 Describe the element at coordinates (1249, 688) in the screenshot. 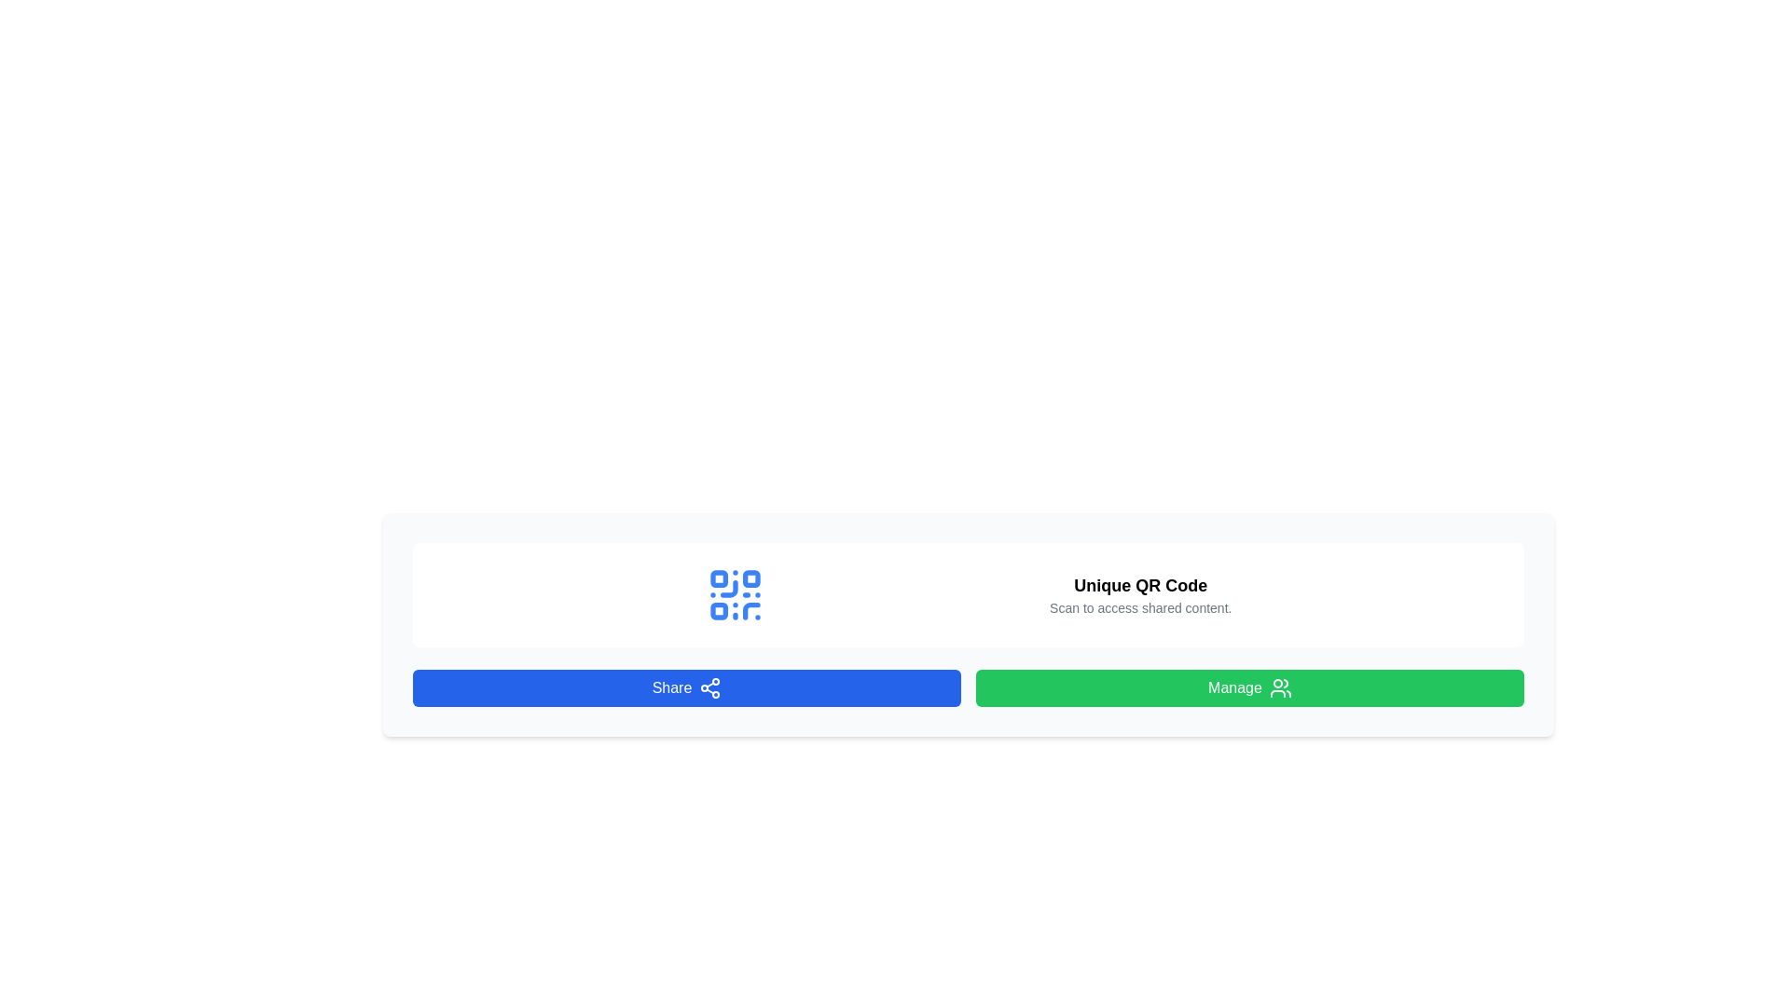

I see `the green 'Manage' button, which has rounded corners and white text, located in the bottom-right quadrant of the interface` at that location.